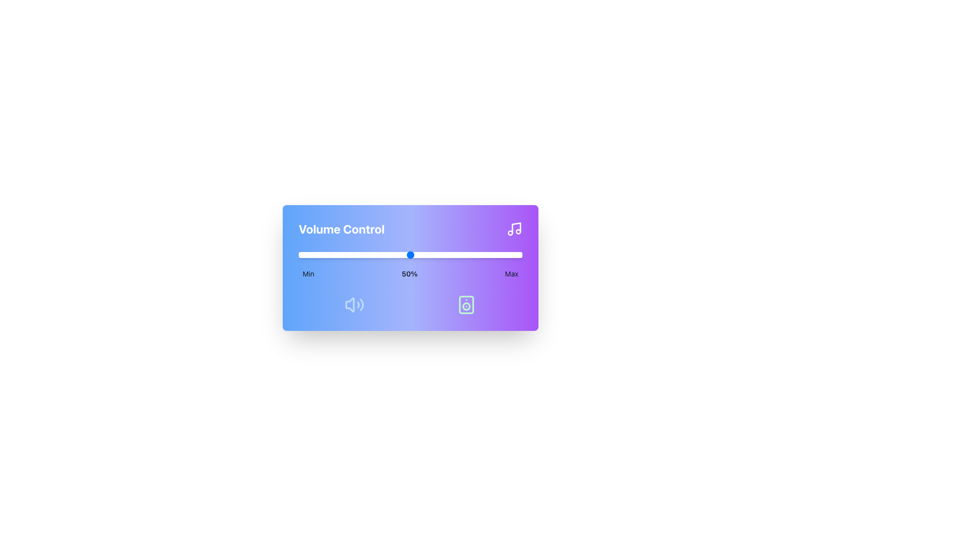 Image resolution: width=959 pixels, height=539 pixels. I want to click on the slider, so click(330, 254).